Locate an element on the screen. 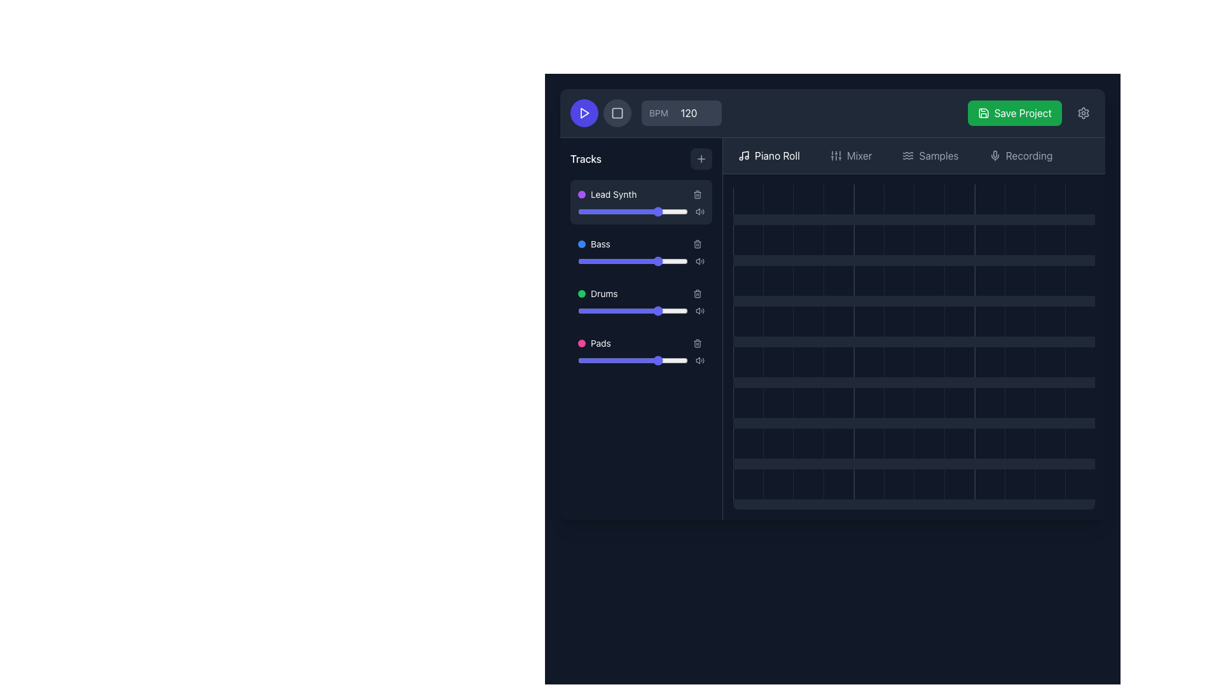 Image resolution: width=1221 pixels, height=687 pixels. the grid cell located in the first row and seventh position of the grid layout, which has a dark background that changes to a lighter shade on hover is located at coordinates (929, 199).